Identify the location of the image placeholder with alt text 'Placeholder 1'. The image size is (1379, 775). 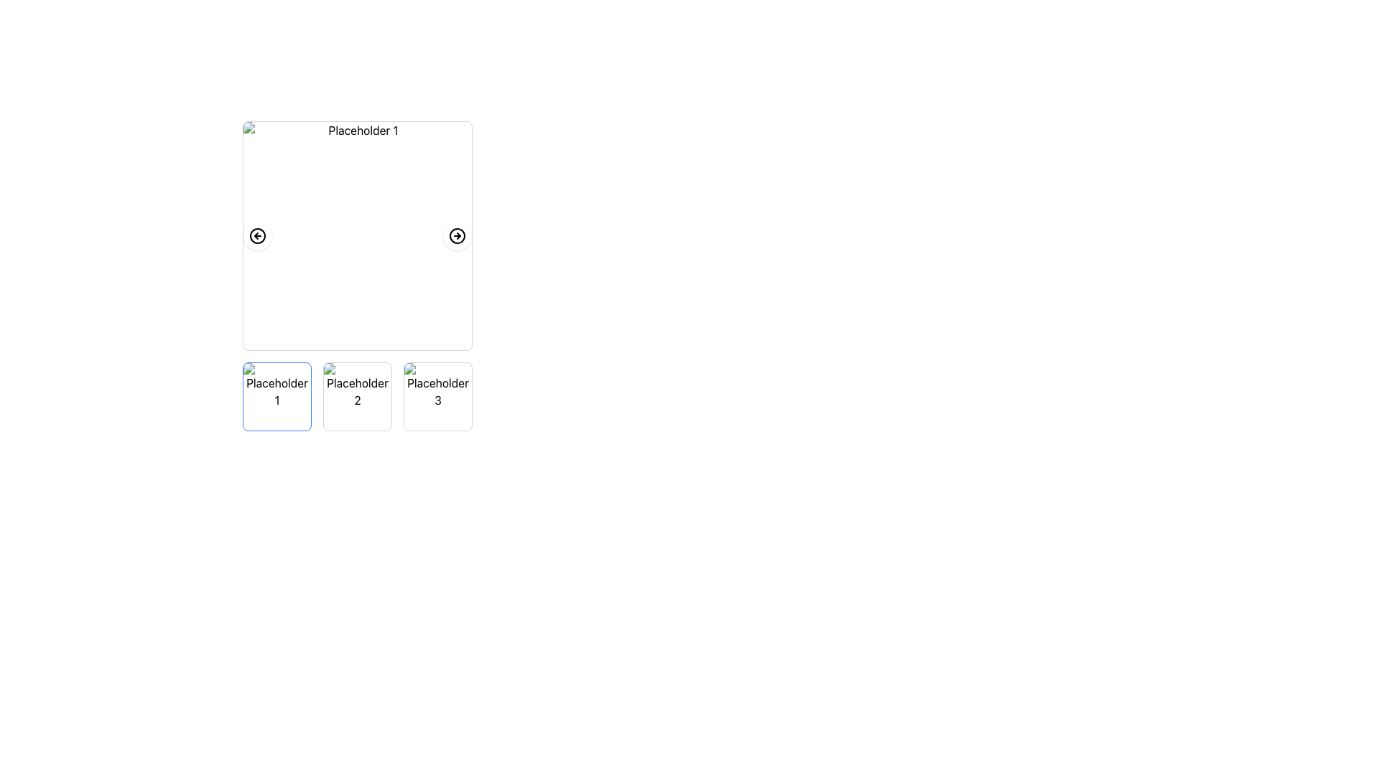
(277, 396).